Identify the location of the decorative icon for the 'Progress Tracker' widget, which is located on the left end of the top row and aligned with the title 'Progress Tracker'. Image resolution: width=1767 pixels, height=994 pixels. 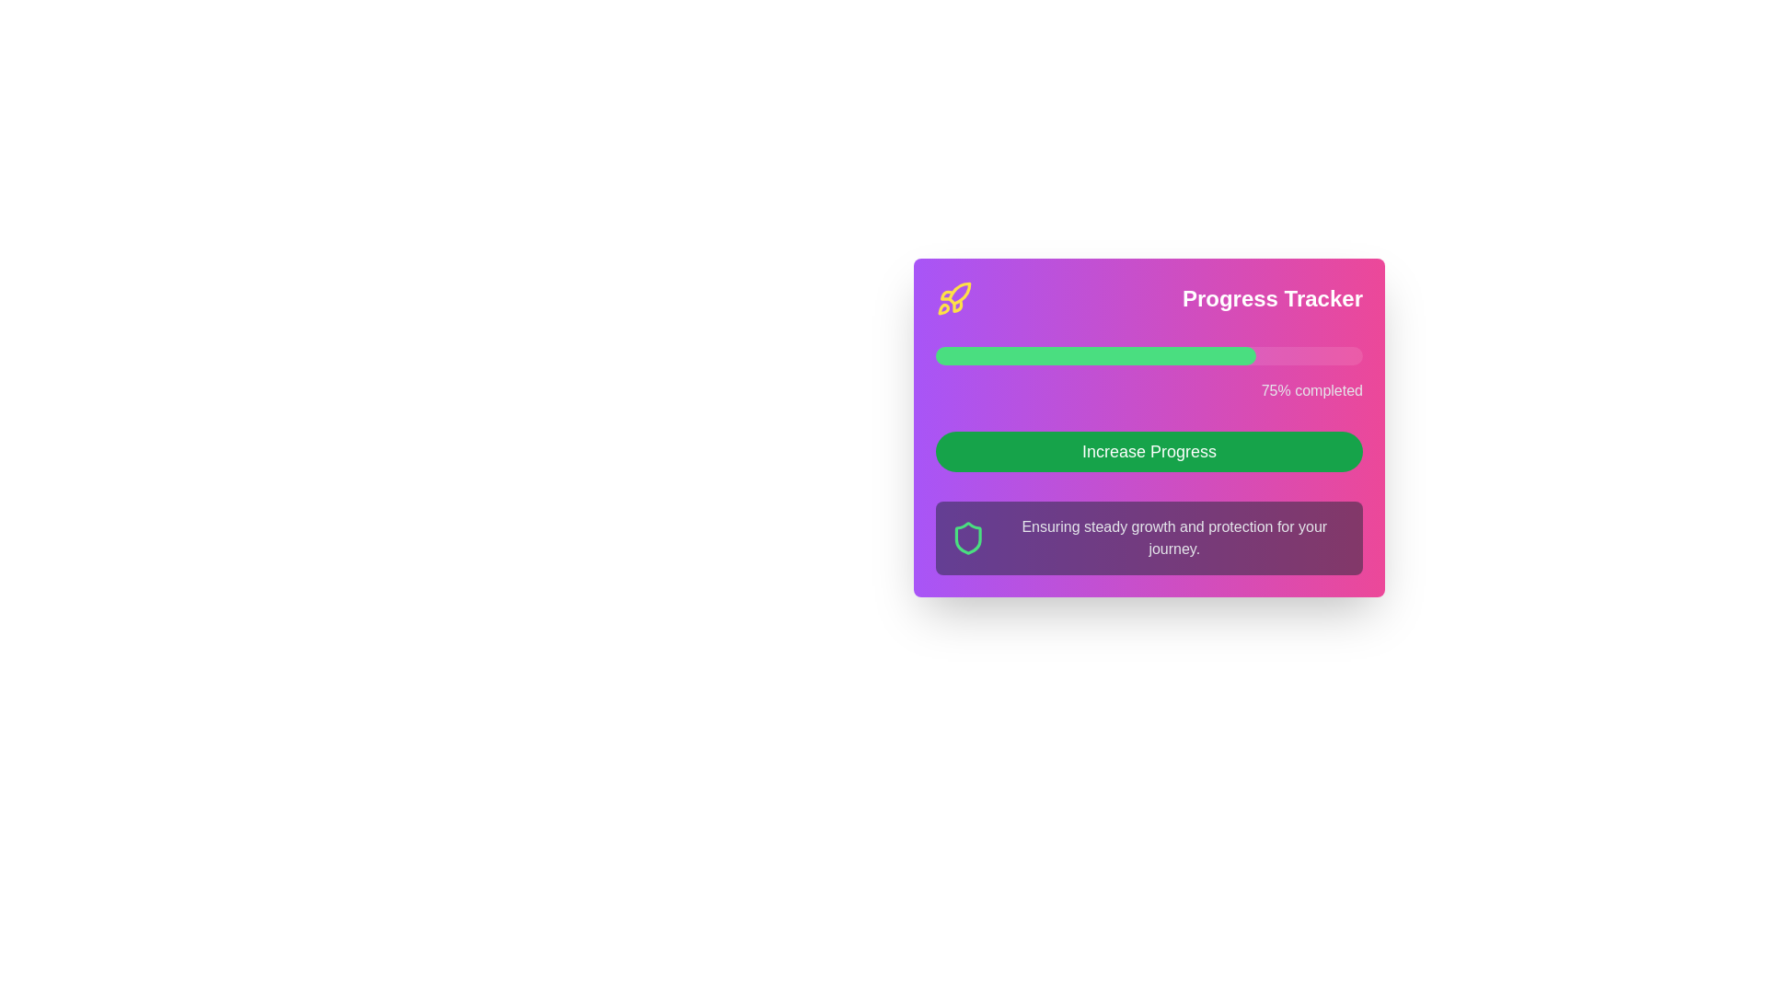
(953, 297).